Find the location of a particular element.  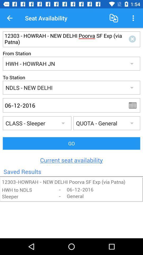

the date_range icon is located at coordinates (134, 105).